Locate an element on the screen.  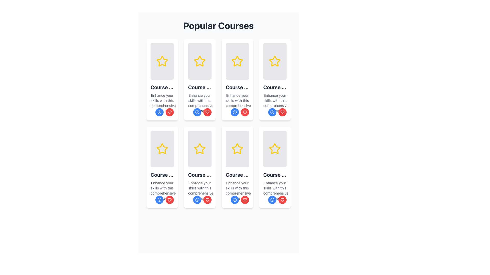
the circular blue button with a white border and an information icon inside, located to the left of the red favorite button at the bottom-right of the card component is located at coordinates (272, 200).